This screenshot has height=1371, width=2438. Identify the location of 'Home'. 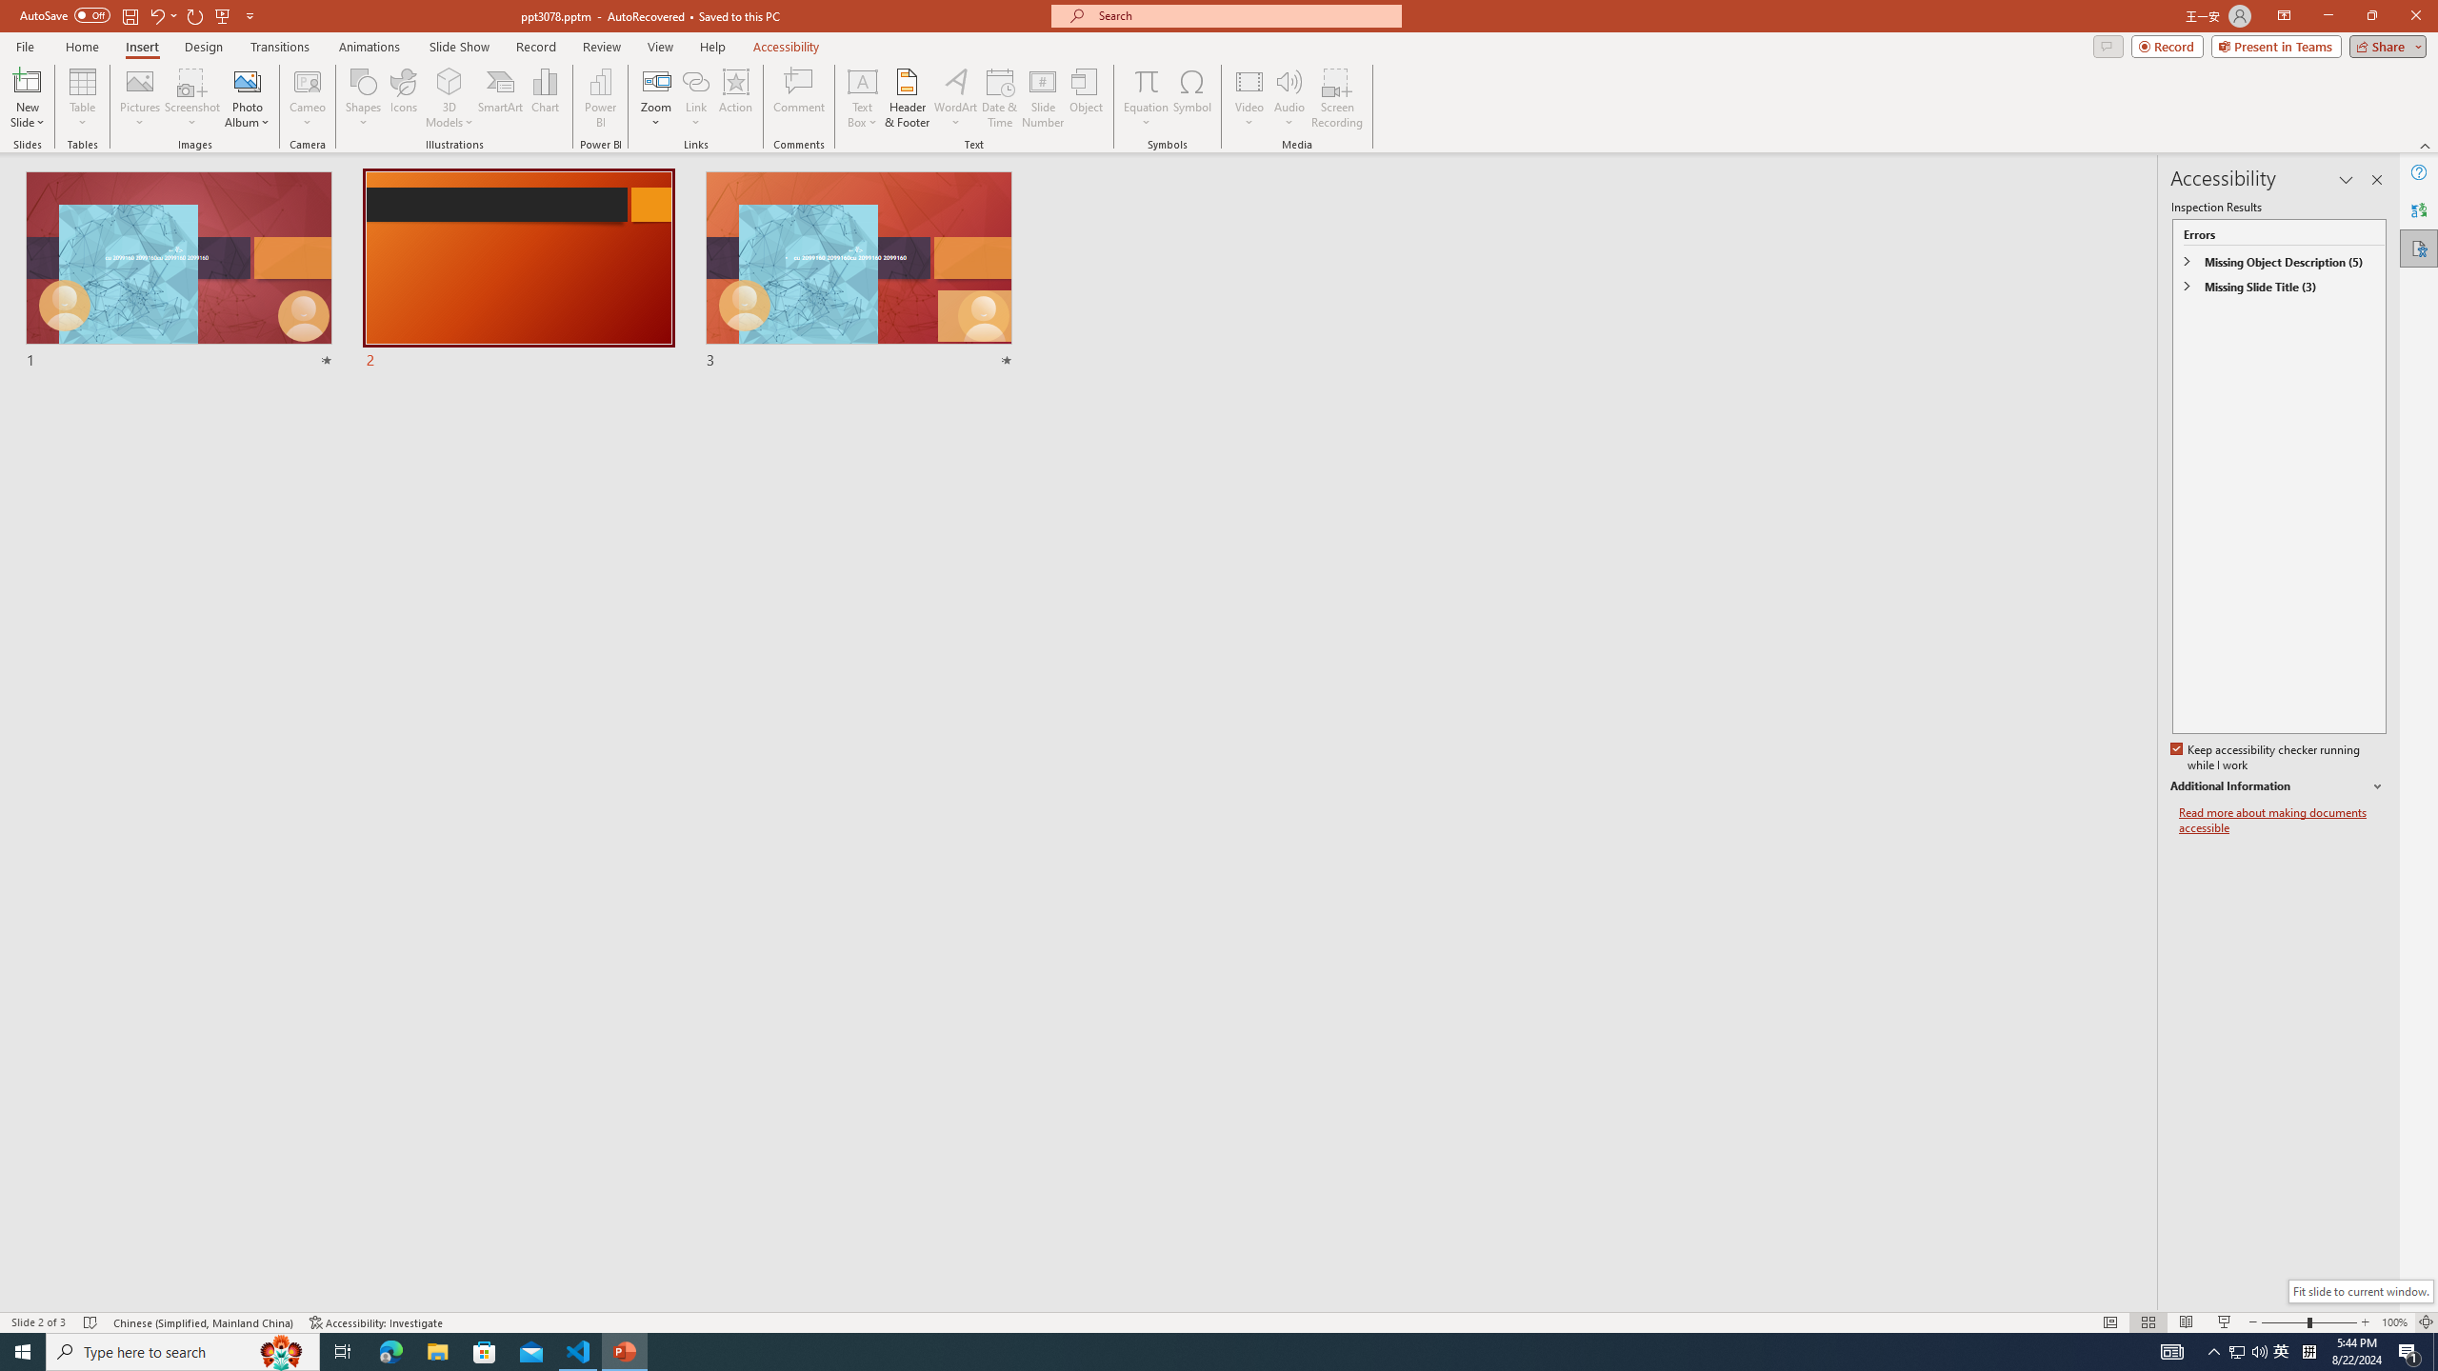
(81, 47).